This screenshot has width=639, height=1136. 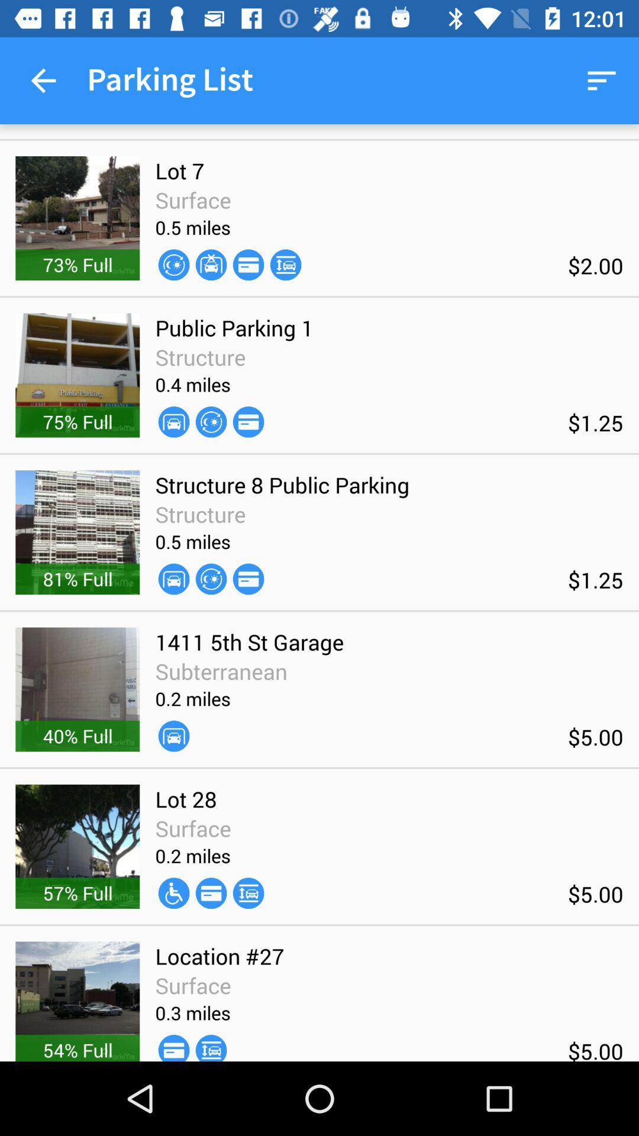 I want to click on the item above the location #27 icon, so click(x=173, y=893).